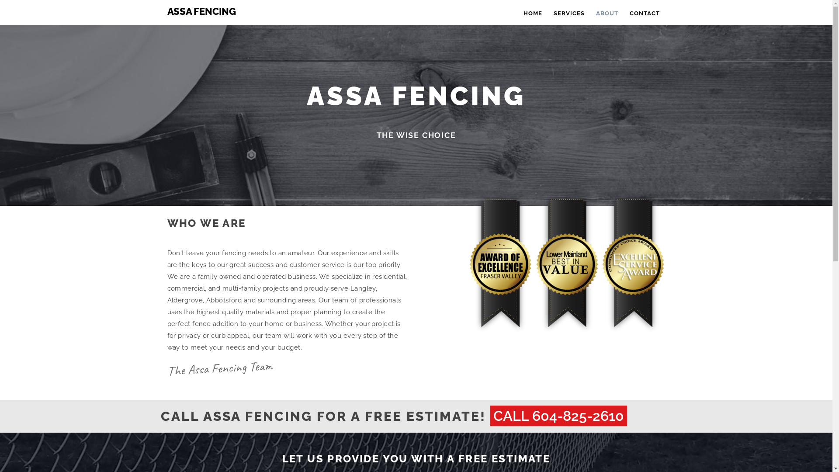 The height and width of the screenshot is (472, 839). I want to click on 'ABOUT', so click(606, 12).